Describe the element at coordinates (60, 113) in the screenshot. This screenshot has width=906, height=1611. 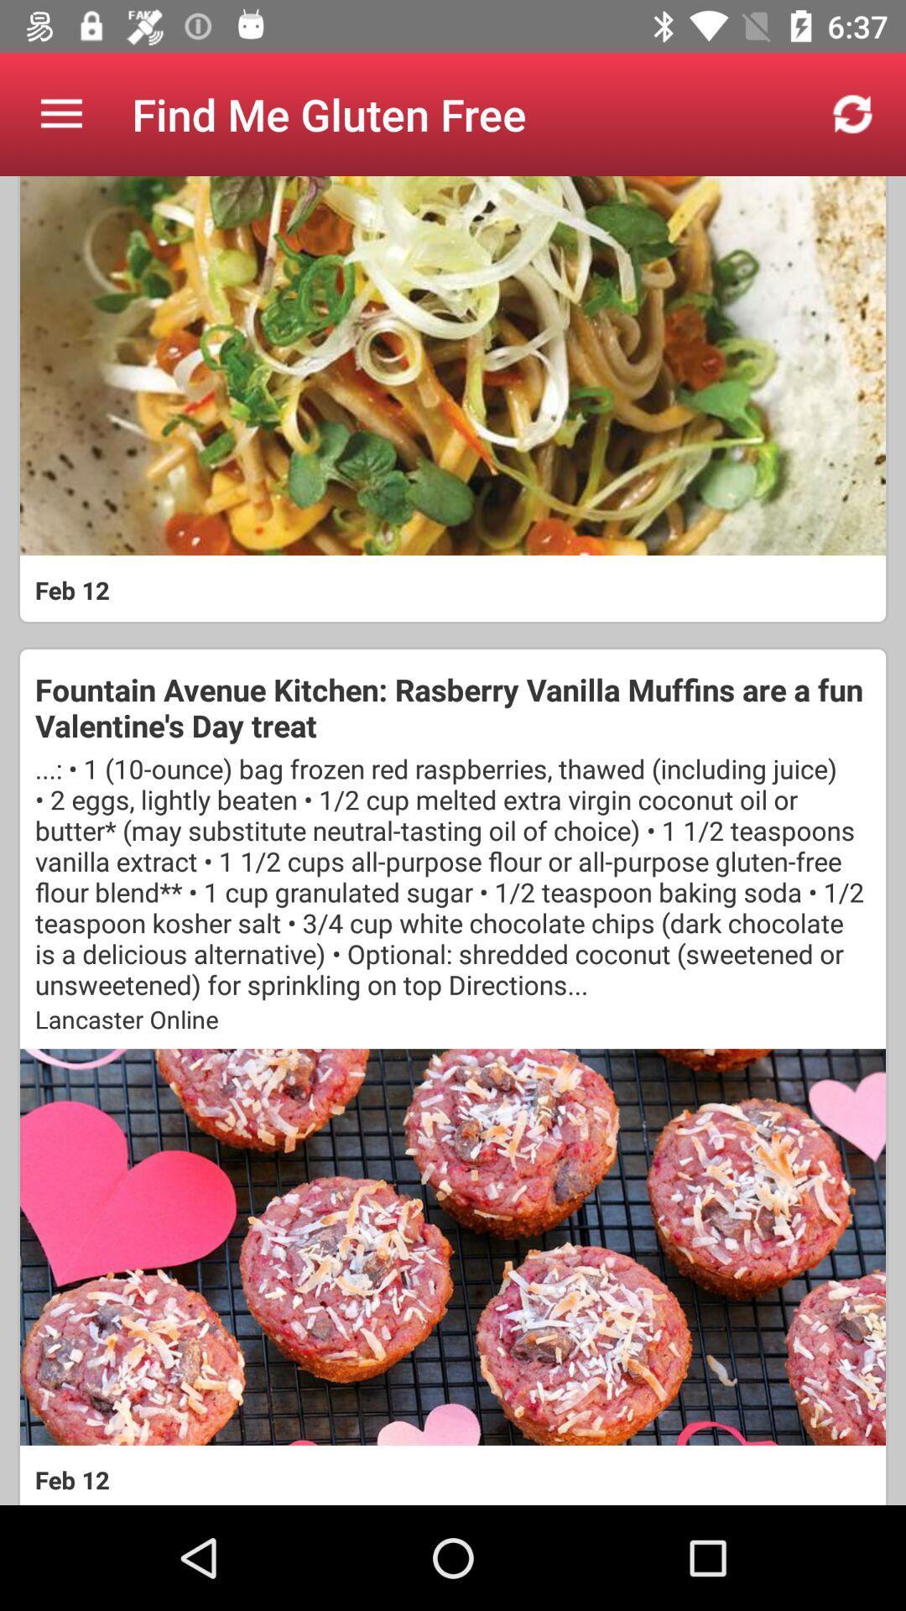
I see `the app next to the find me gluten app` at that location.